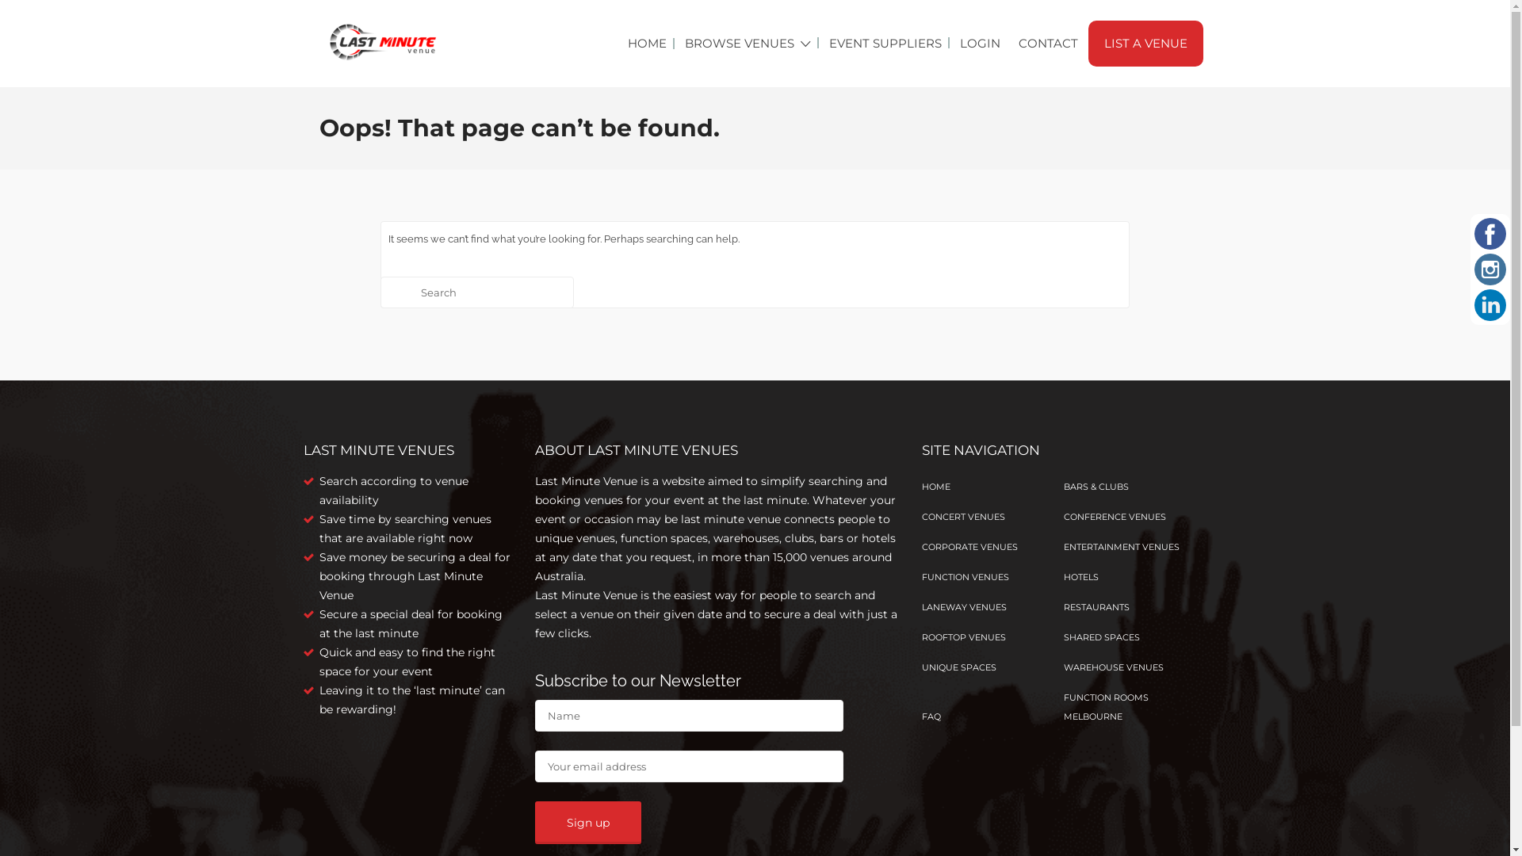  I want to click on 'HOME', so click(627, 42).